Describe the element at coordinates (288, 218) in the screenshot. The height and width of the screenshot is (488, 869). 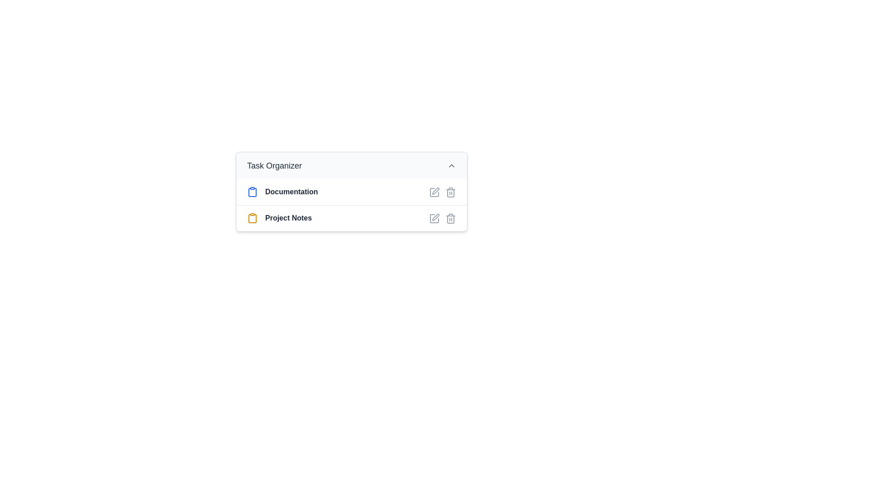
I see `the 'Project Notes' text label, which is the second item in the list under the 'Task Organizer' section` at that location.